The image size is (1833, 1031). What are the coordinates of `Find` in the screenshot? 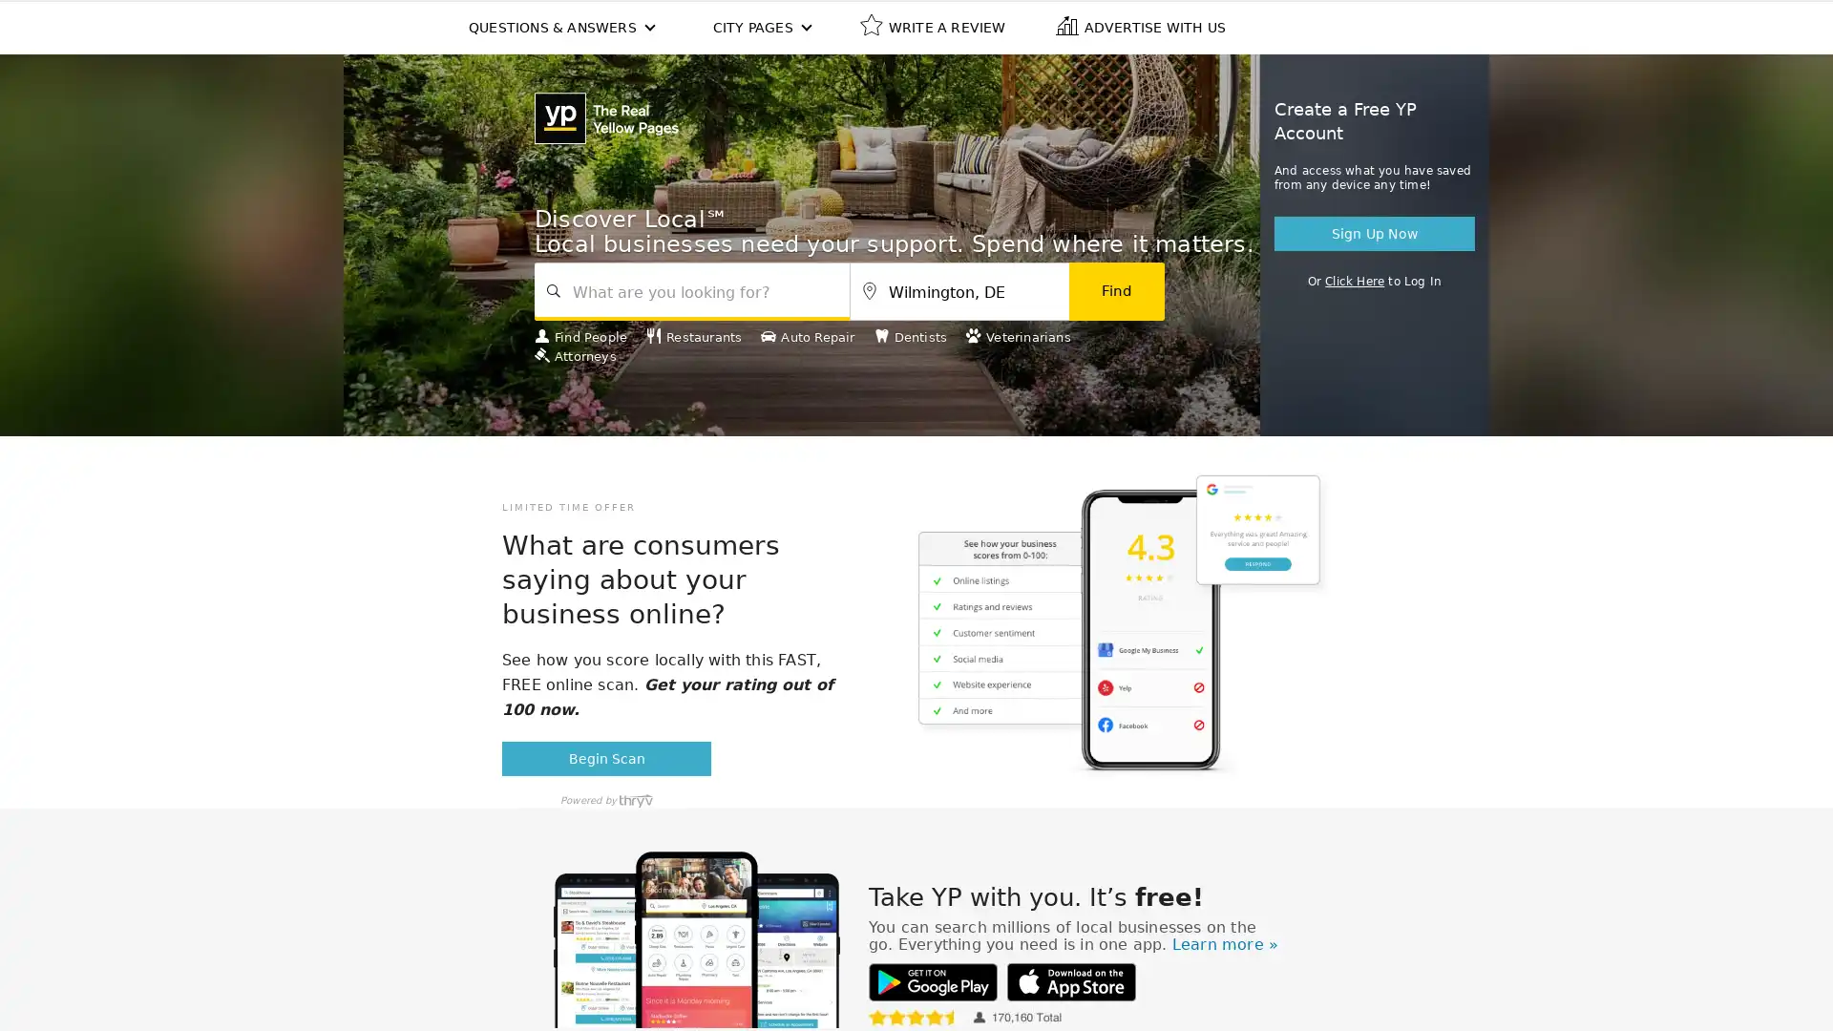 It's located at (1117, 290).